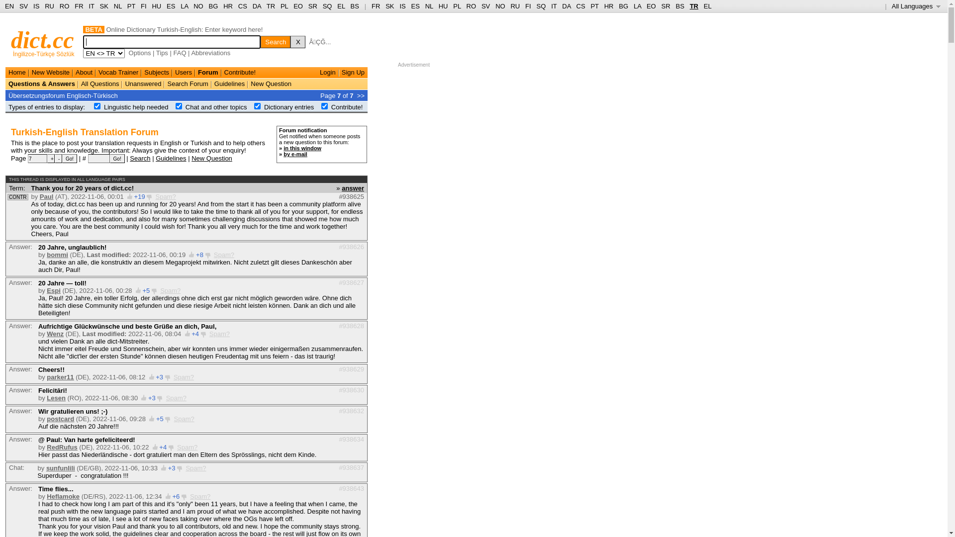  Describe the element at coordinates (156, 6) in the screenshot. I see `'HU'` at that location.